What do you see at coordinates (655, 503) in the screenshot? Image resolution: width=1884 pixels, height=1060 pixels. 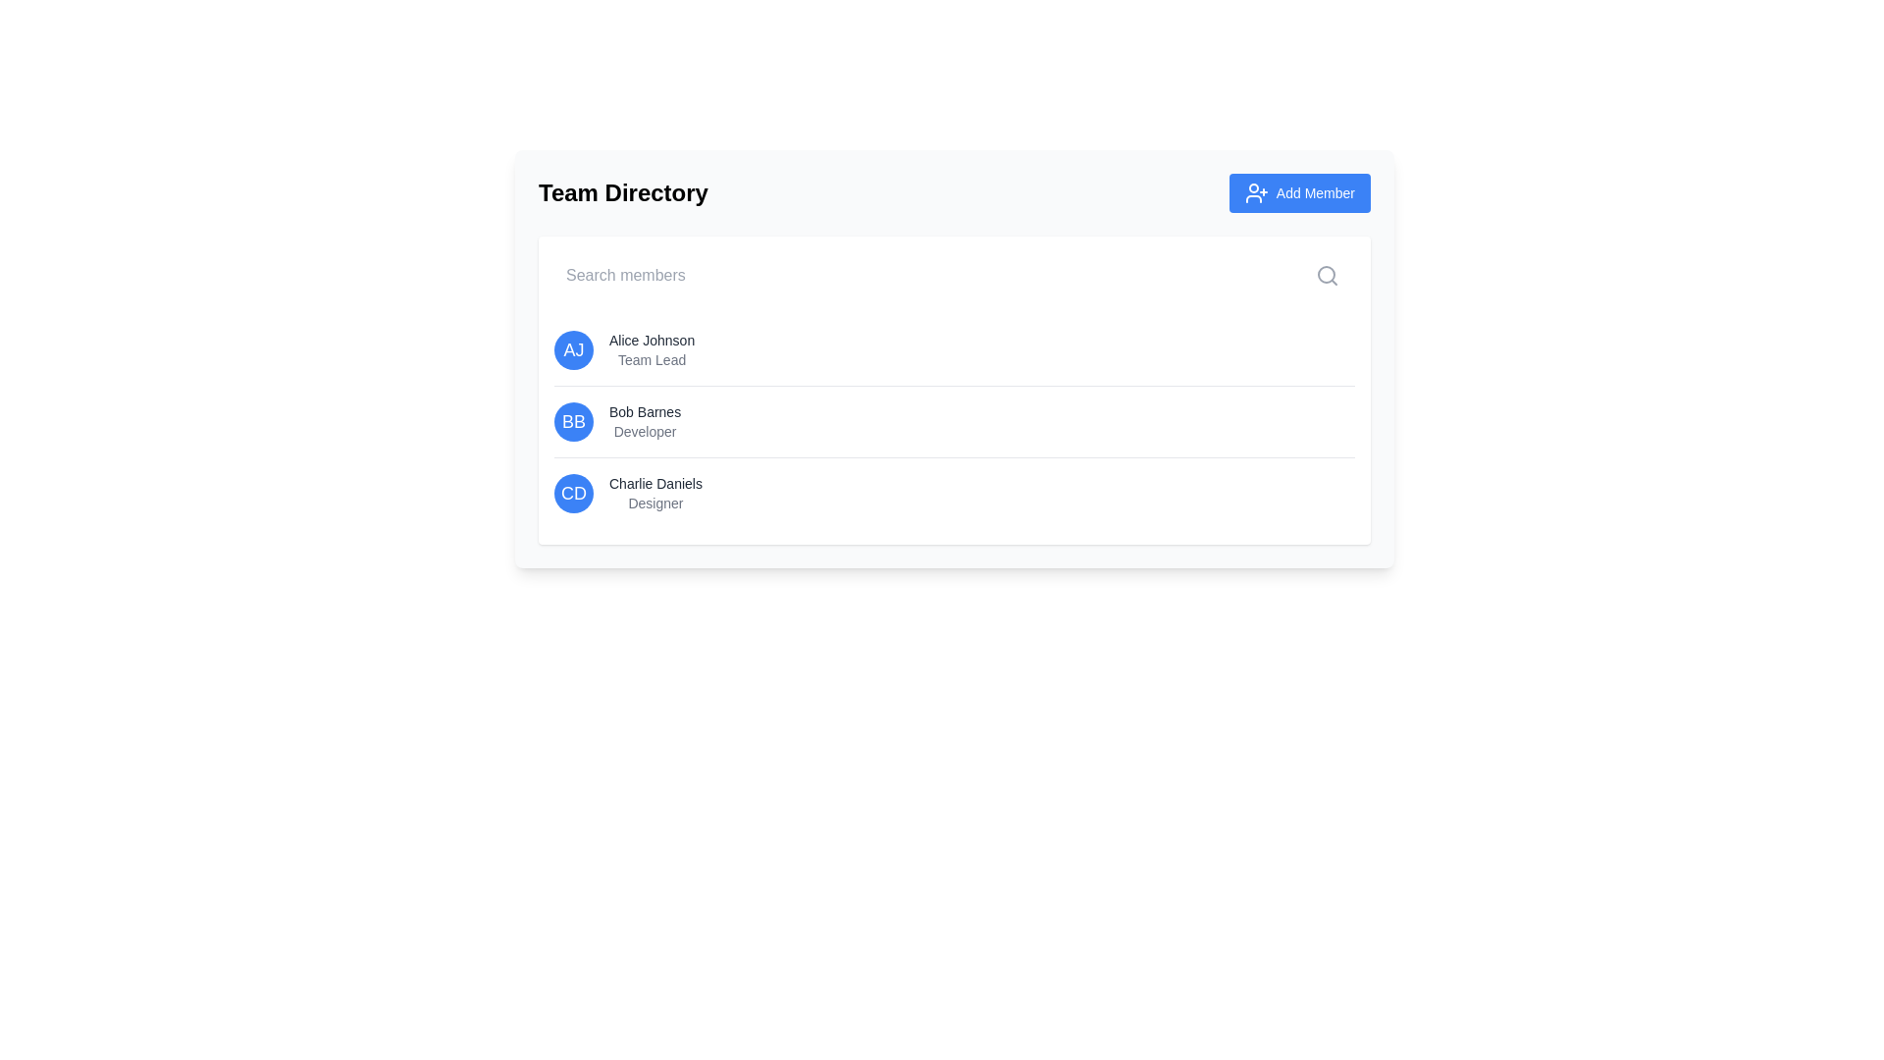 I see `the static text displaying the job title of 'Charlie Daniels', located directly beneath his name in the third entry of the member list` at bounding box center [655, 503].